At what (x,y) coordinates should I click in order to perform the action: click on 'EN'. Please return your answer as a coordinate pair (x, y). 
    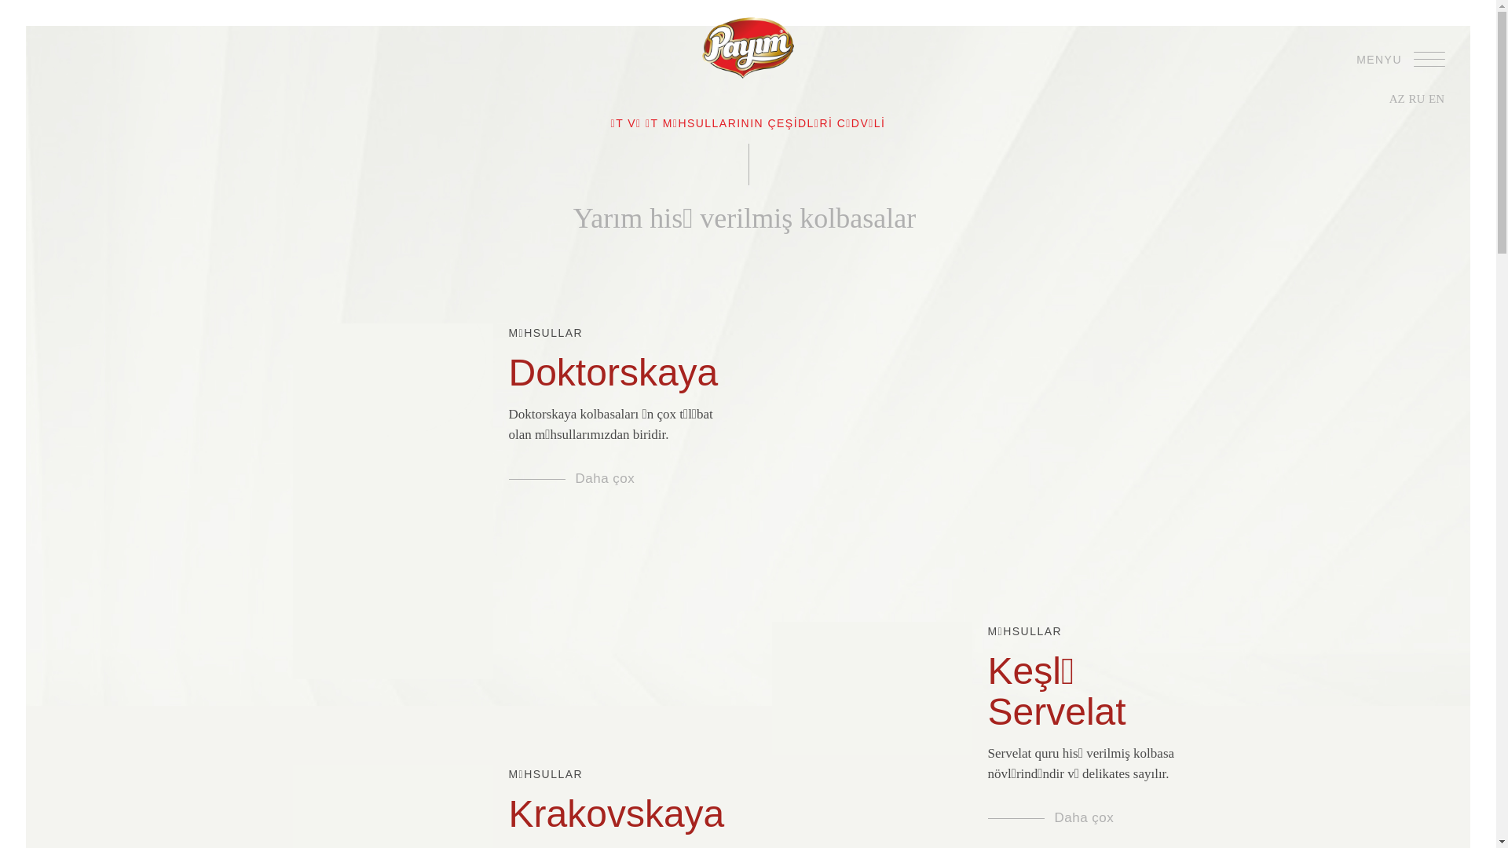
    Looking at the image, I should click on (1436, 99).